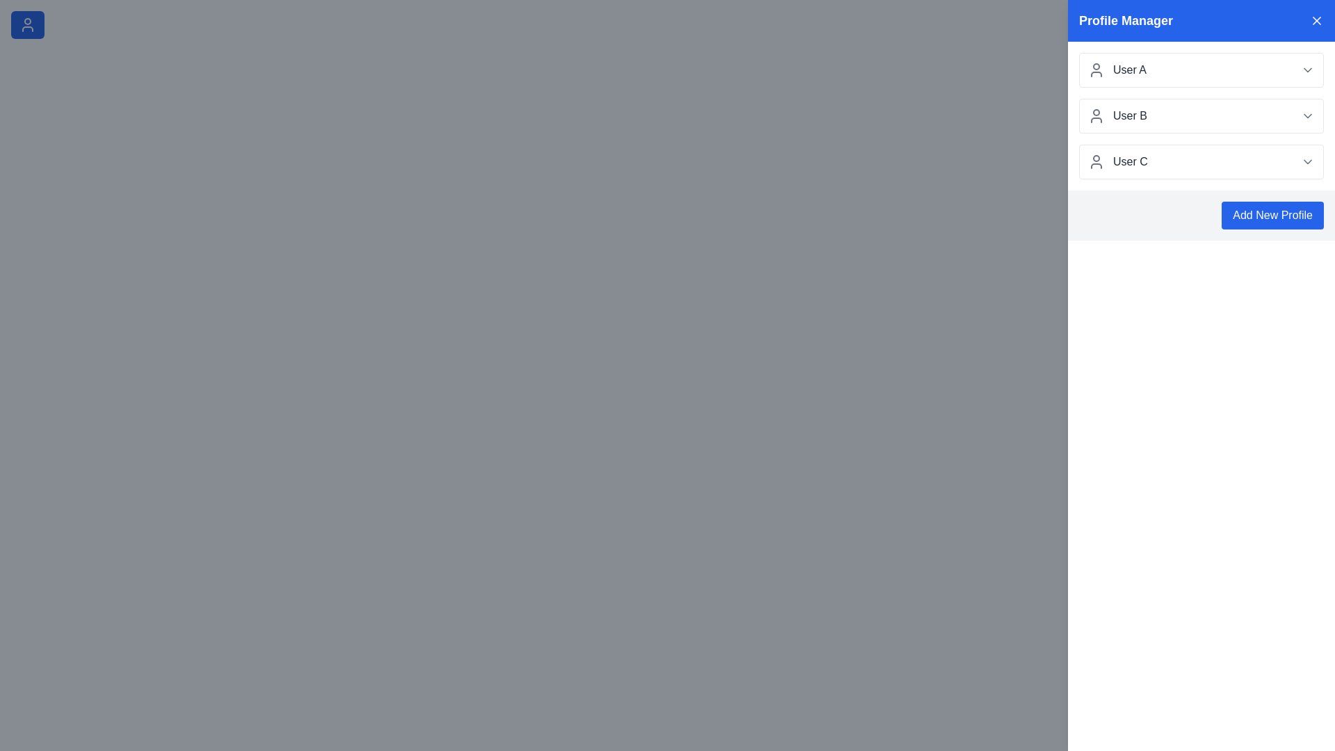  I want to click on the white 'X' icon located in the top right corner of the 'Profile Manager' header bar, so click(1316, 21).